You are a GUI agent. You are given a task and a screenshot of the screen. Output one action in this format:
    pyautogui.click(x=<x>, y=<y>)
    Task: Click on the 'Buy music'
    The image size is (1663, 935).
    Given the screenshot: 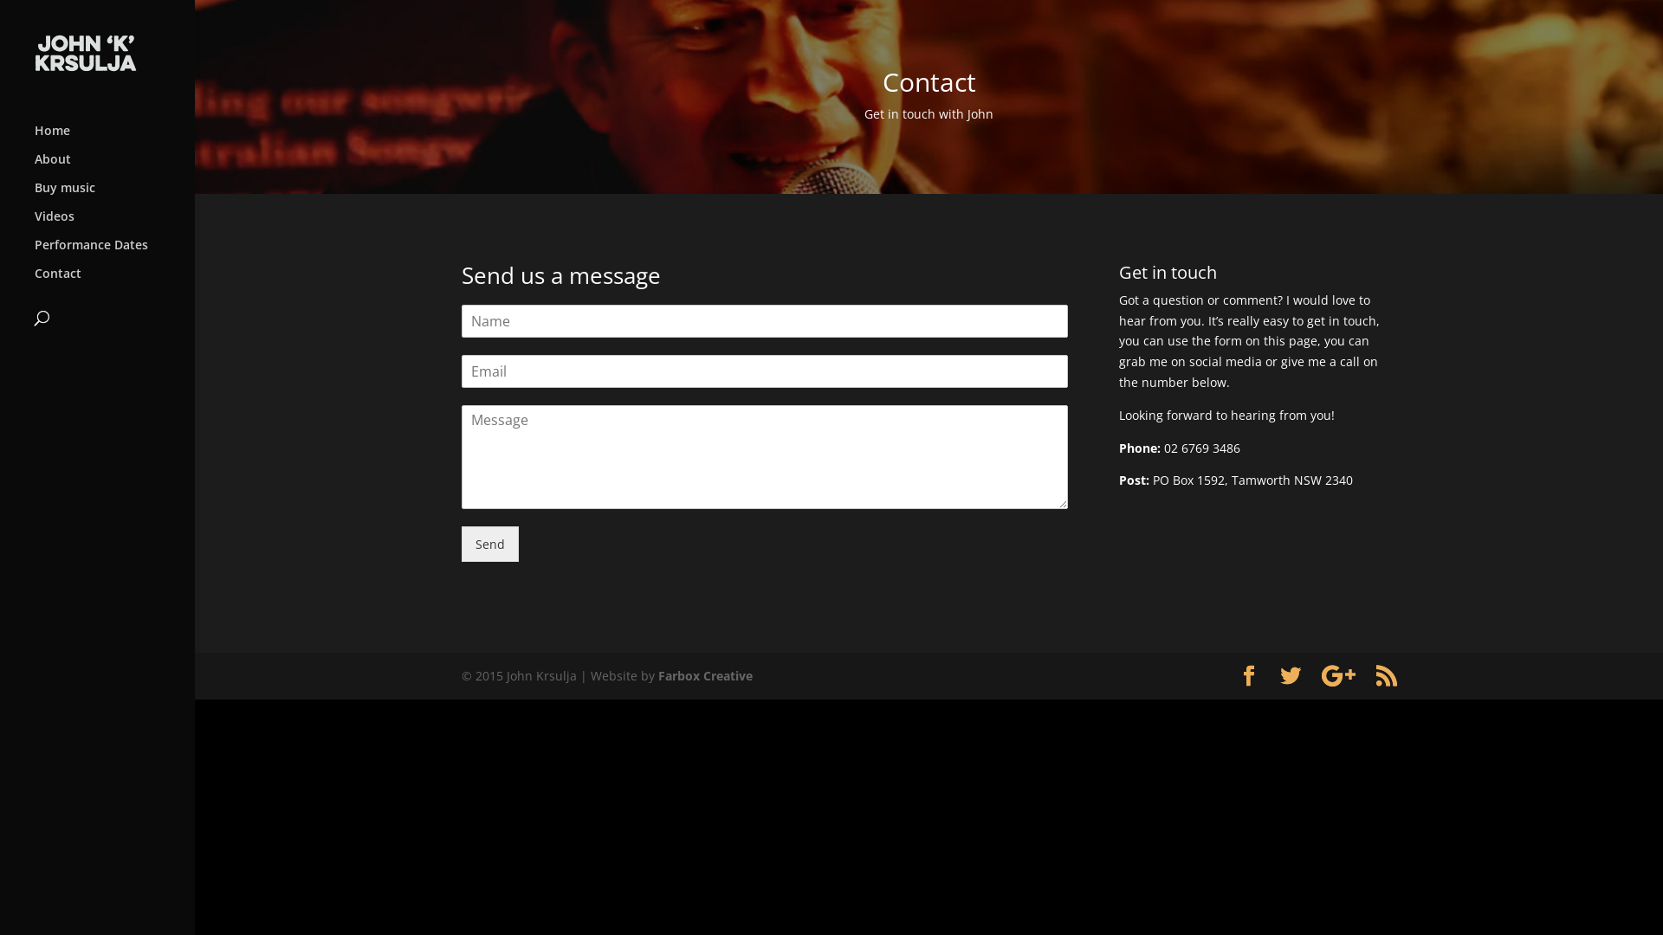 What is the action you would take?
    pyautogui.click(x=113, y=195)
    